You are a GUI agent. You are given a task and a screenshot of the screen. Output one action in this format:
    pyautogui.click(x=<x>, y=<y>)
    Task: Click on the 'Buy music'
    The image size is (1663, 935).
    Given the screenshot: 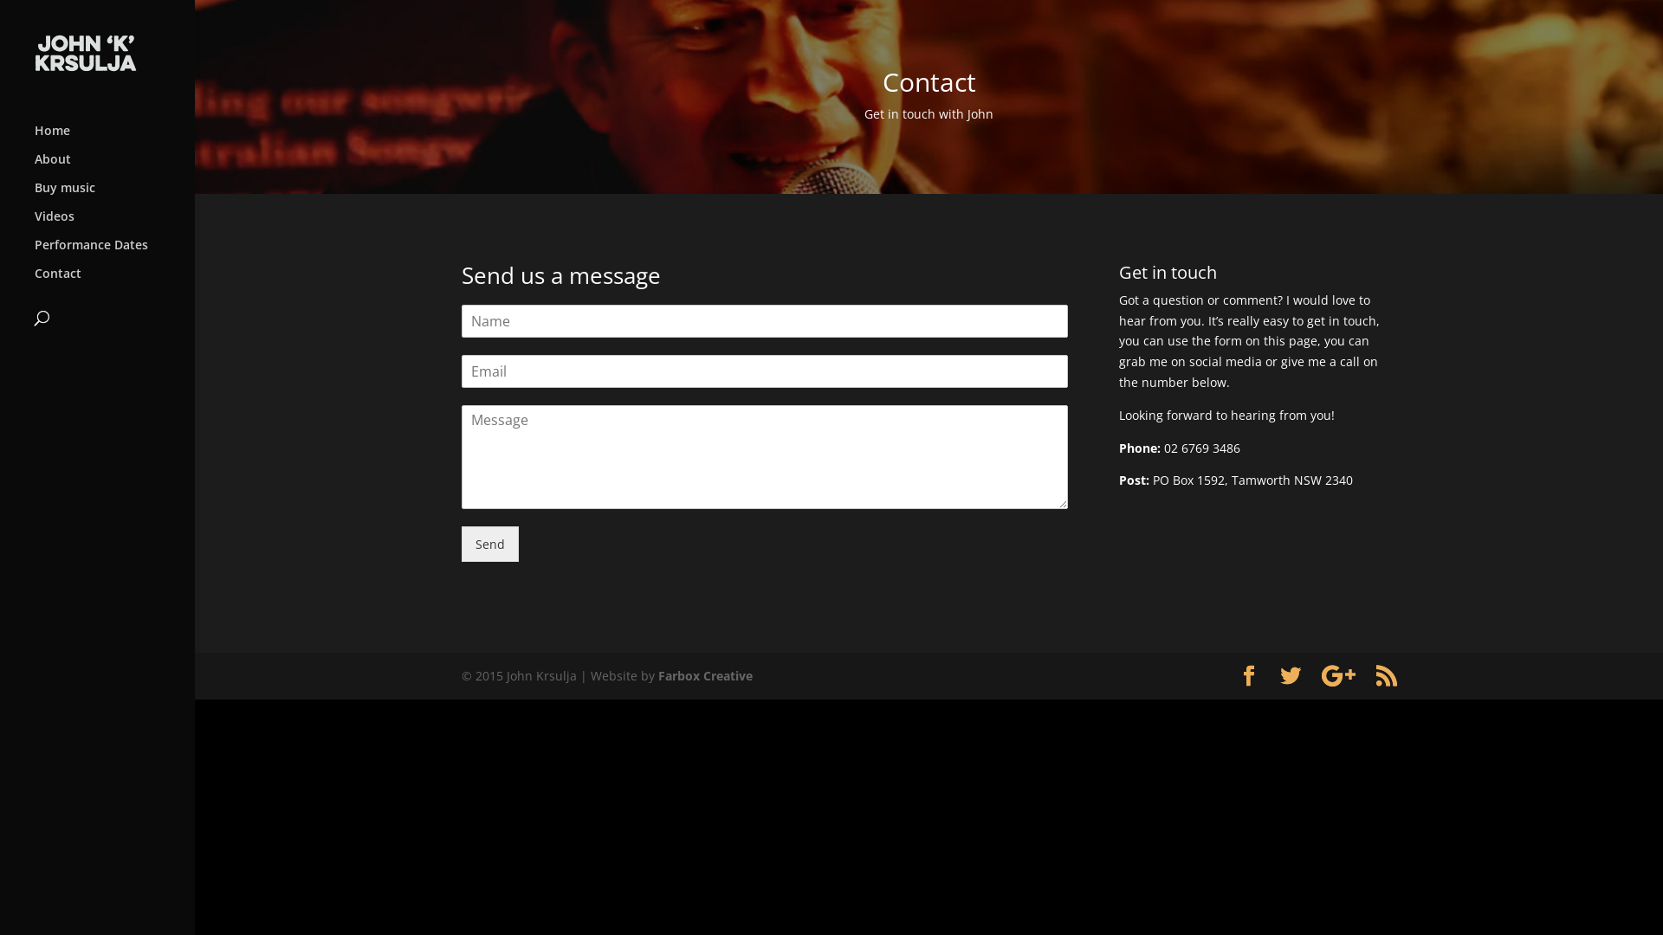 What is the action you would take?
    pyautogui.click(x=113, y=195)
    